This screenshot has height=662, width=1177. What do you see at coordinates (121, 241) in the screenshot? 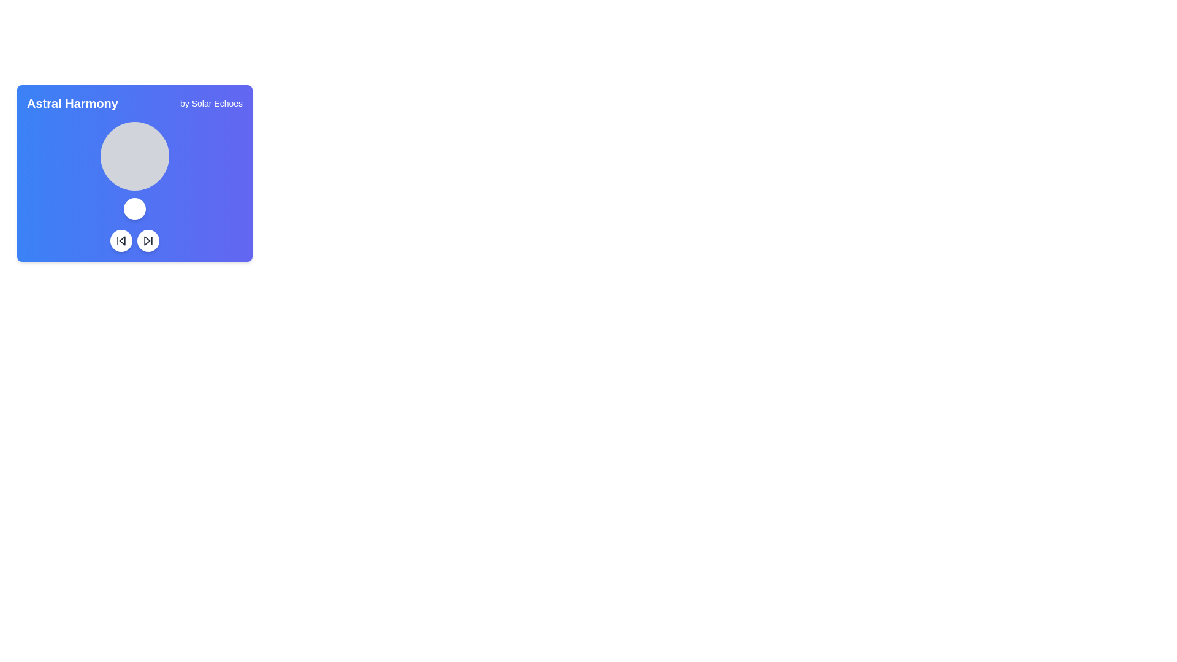
I see `the back button icon located at the bottom left of the interface` at bounding box center [121, 241].